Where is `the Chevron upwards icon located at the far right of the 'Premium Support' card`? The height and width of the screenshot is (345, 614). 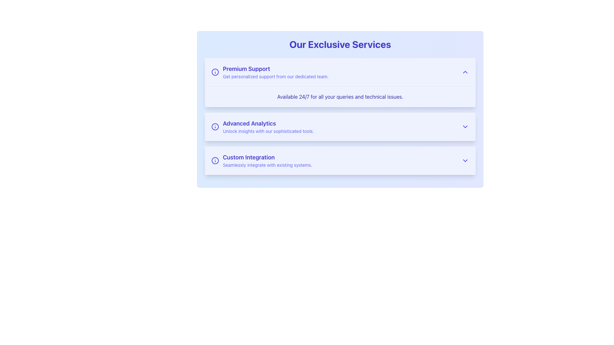
the Chevron upwards icon located at the far right of the 'Premium Support' card is located at coordinates (465, 72).